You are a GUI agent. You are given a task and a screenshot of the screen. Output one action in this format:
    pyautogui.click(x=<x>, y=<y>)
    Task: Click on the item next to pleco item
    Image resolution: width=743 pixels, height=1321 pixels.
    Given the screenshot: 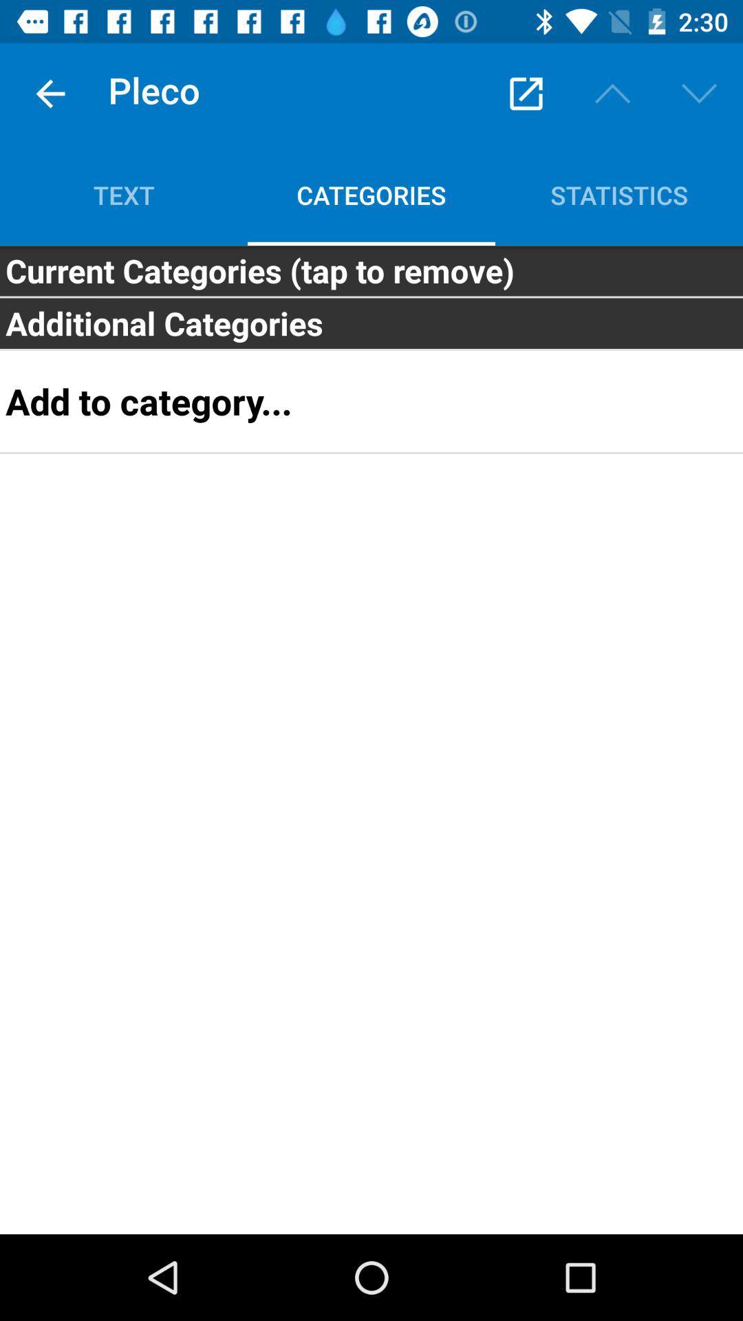 What is the action you would take?
    pyautogui.click(x=50, y=93)
    